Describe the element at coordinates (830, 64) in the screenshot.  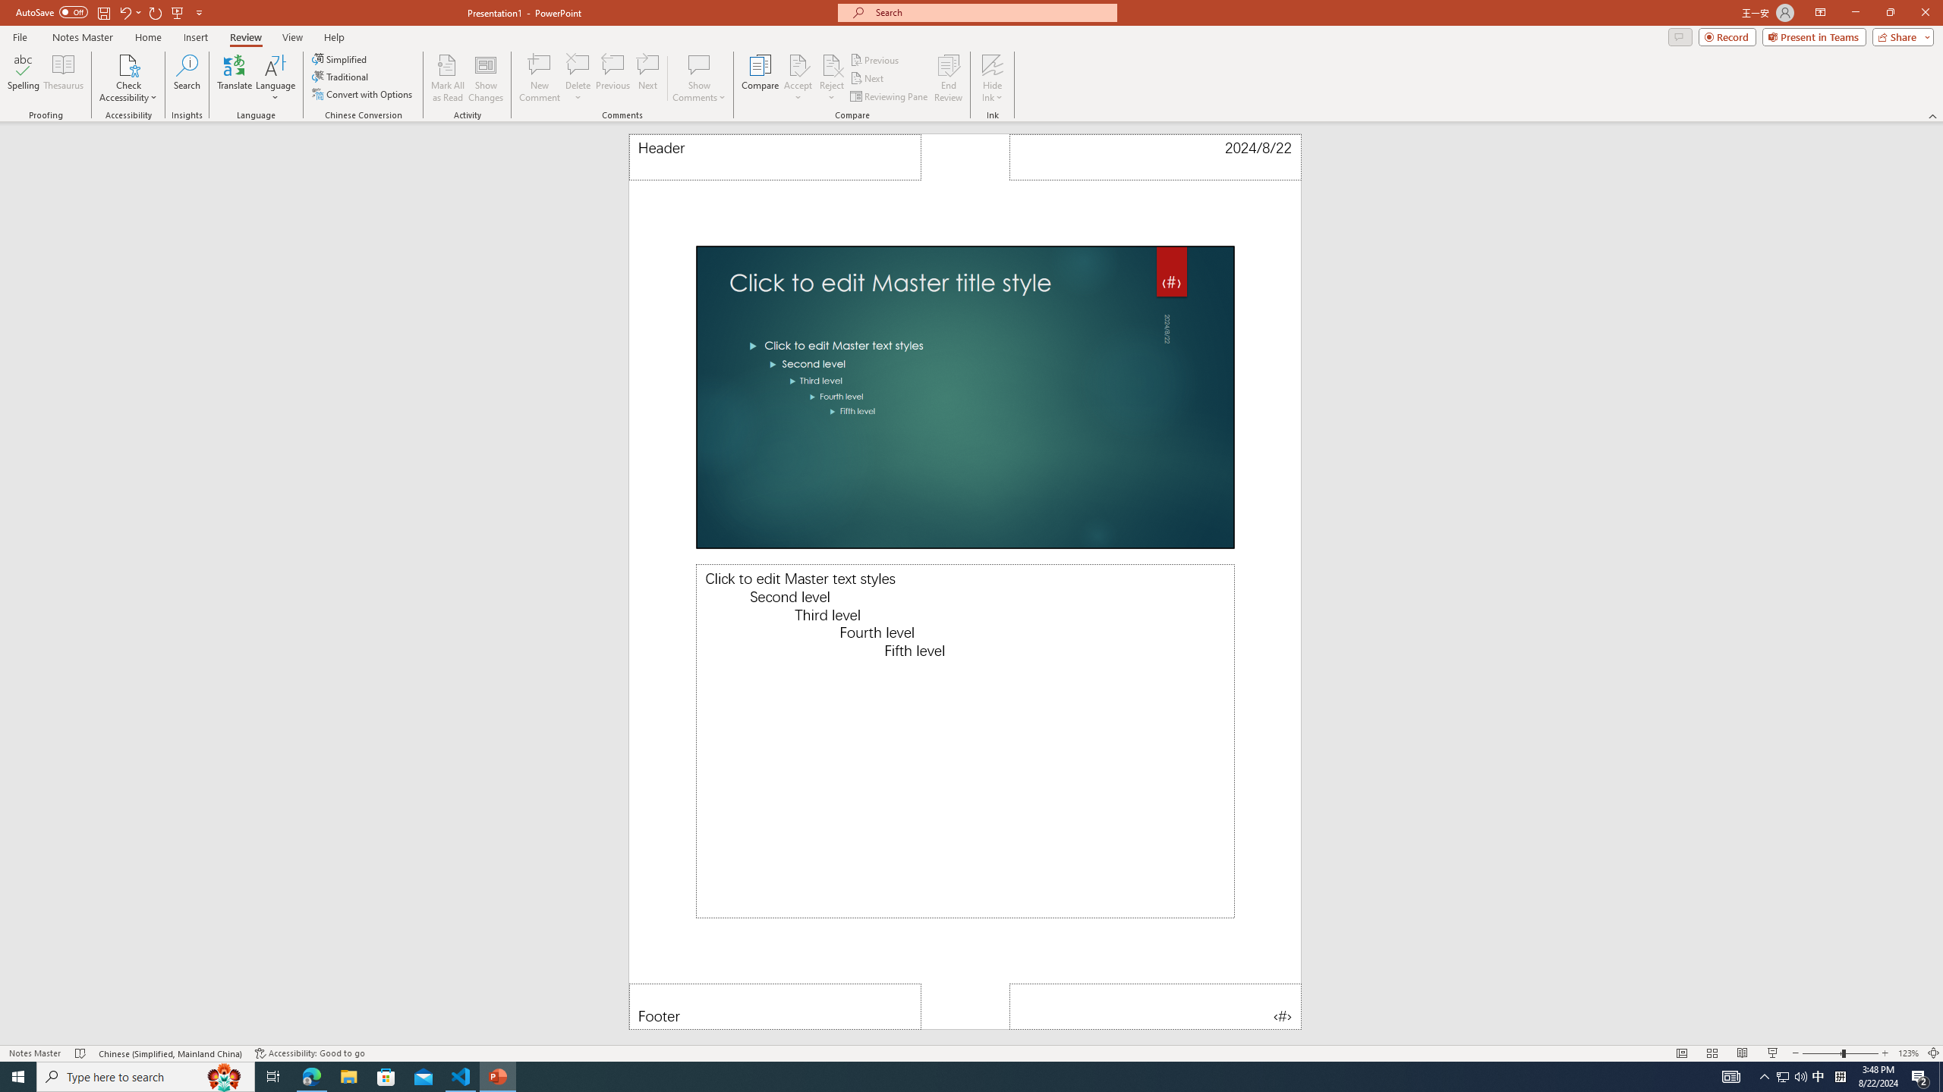
I see `'Reject Change'` at that location.